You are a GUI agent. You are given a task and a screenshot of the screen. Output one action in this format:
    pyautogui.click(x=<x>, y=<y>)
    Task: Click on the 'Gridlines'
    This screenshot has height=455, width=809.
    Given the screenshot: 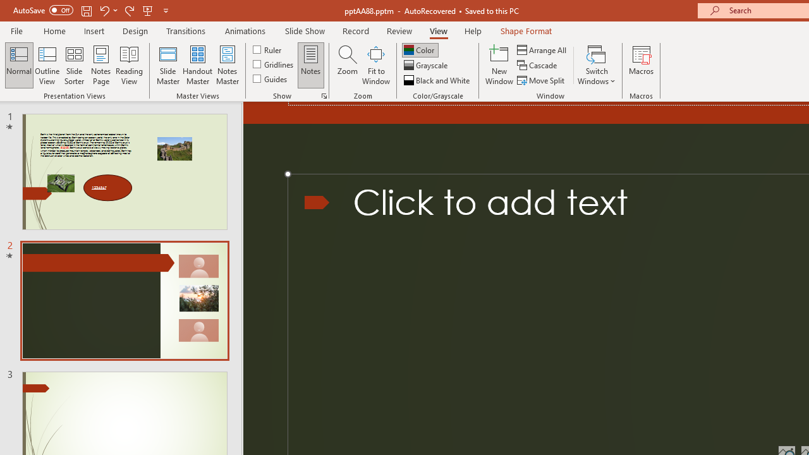 What is the action you would take?
    pyautogui.click(x=273, y=64)
    